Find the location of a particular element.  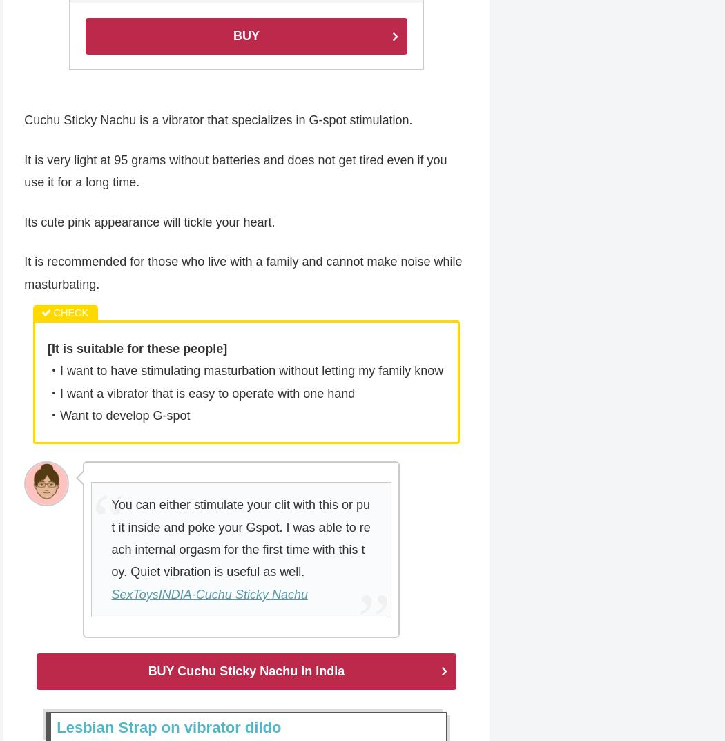

'・Want to develop G-spot' is located at coordinates (118, 416).